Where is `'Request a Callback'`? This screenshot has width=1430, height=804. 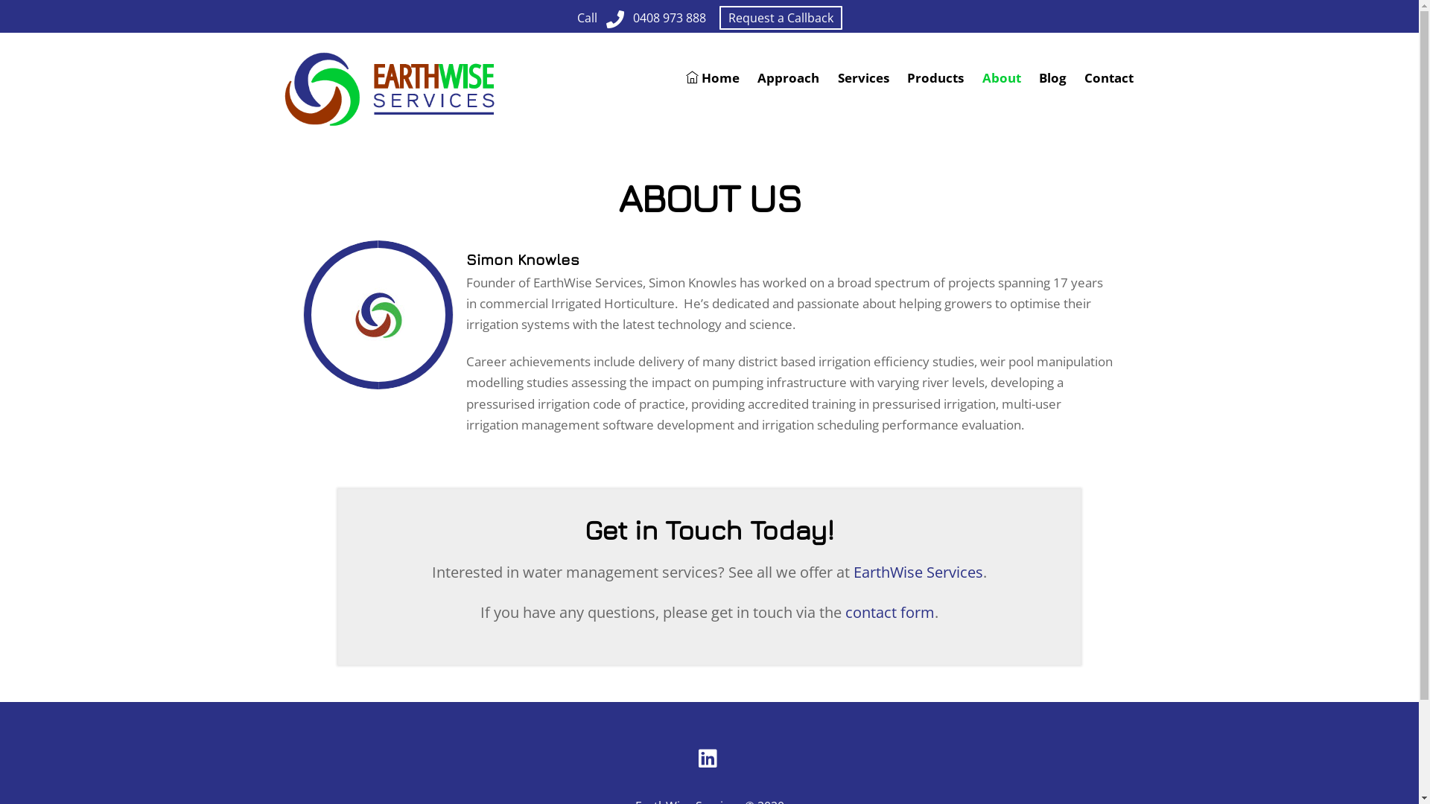
'Request a Callback' is located at coordinates (780, 17).